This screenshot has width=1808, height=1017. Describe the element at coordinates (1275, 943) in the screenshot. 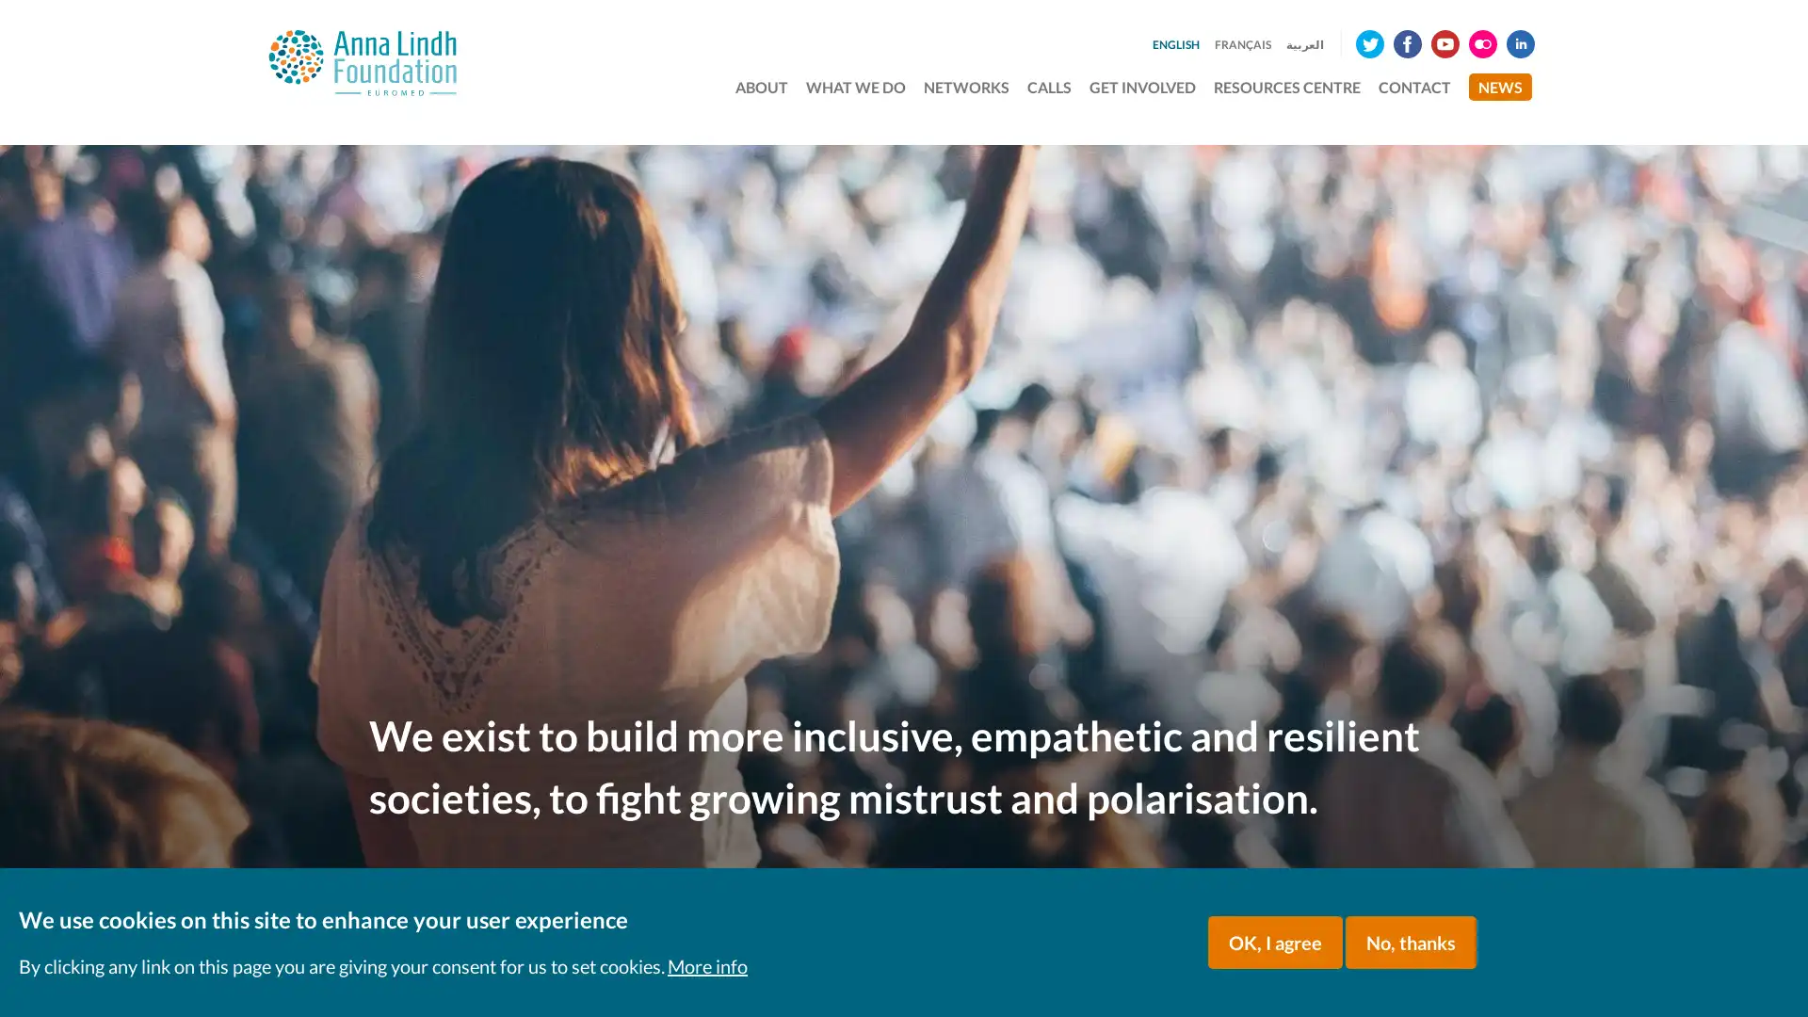

I see `OK, I agree` at that location.